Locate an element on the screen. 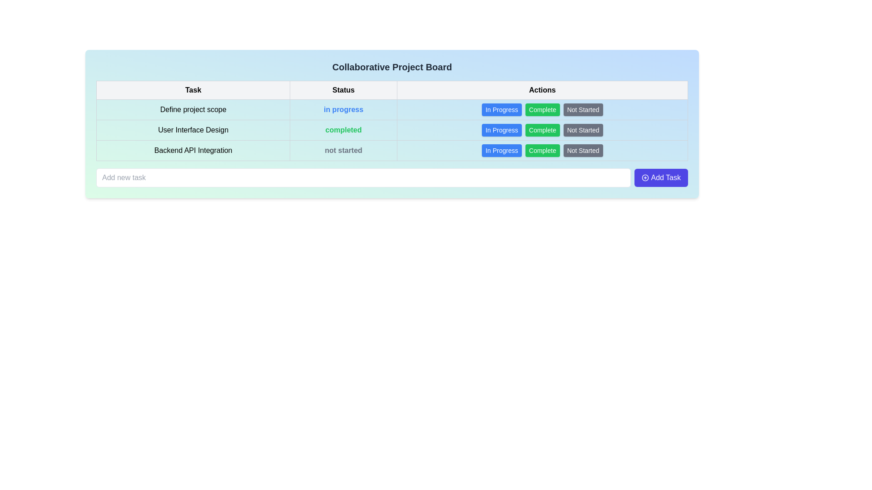 The height and width of the screenshot is (490, 872). the 'Actions' text label, which is the third column header in a three-column layout, styled with a black sans-serif font on a light gray background is located at coordinates (542, 90).